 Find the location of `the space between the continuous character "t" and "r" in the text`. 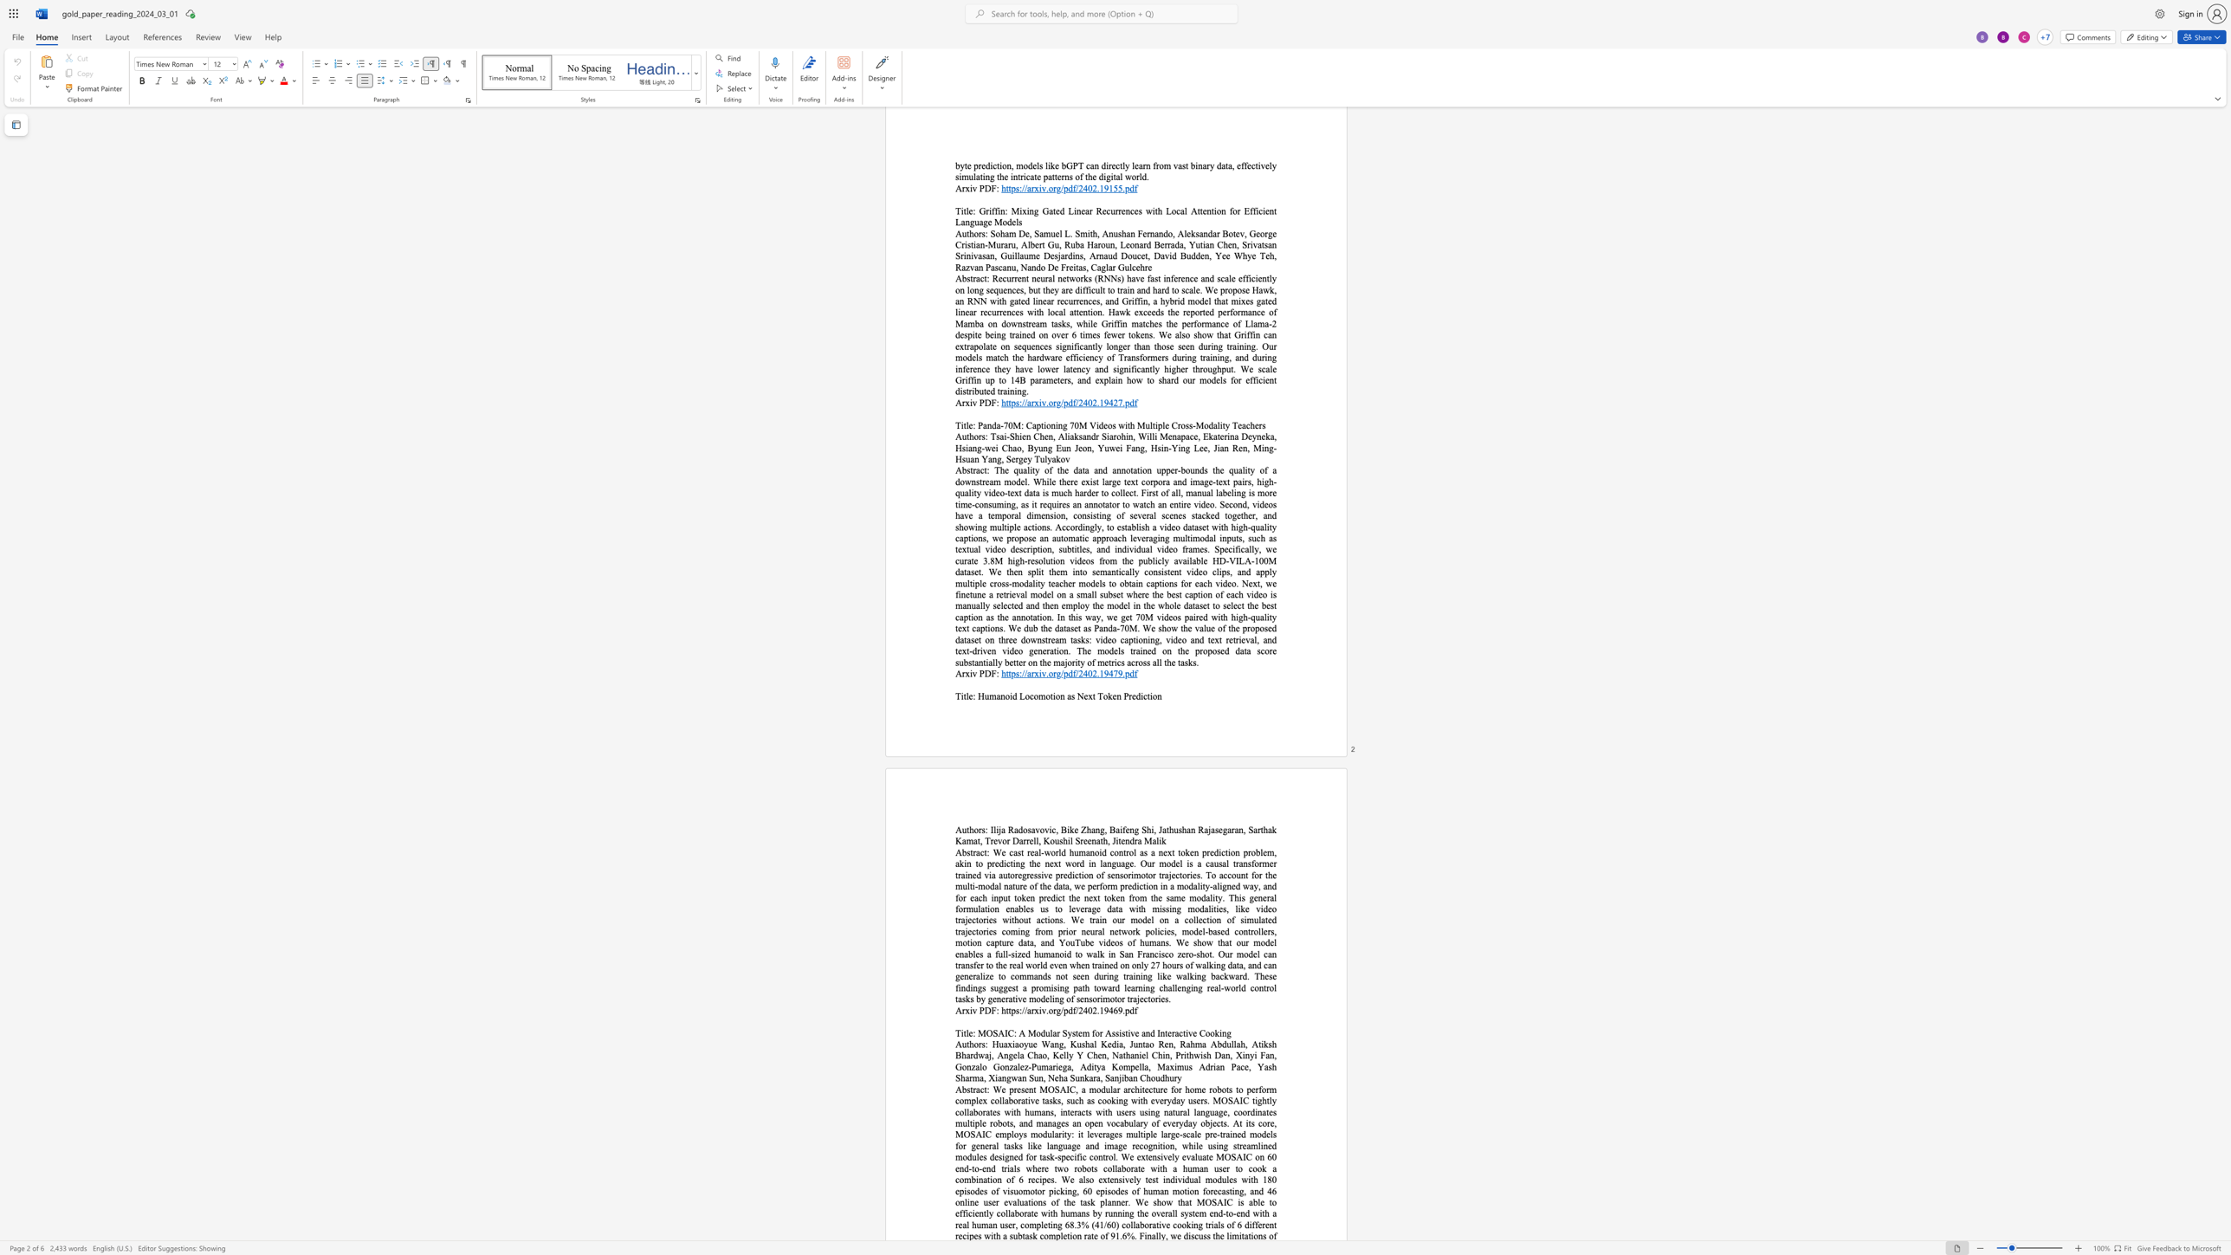

the space between the continuous character "t" and "r" in the text is located at coordinates (973, 1089).